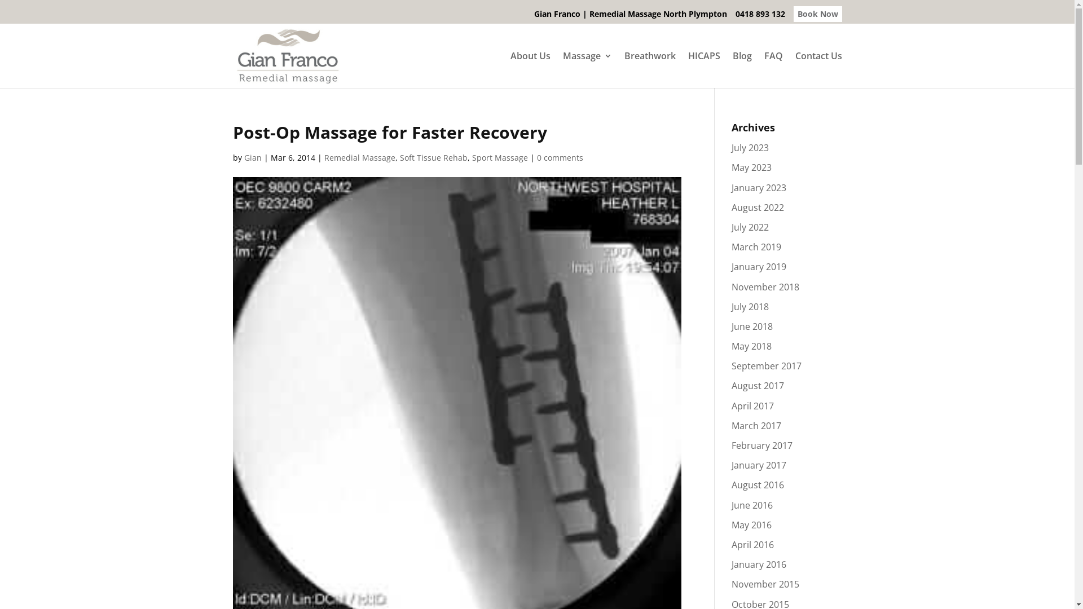 The width and height of the screenshot is (1083, 609). Describe the element at coordinates (629, 17) in the screenshot. I see `'Gian Franco | Remedial Massage North Plympton'` at that location.